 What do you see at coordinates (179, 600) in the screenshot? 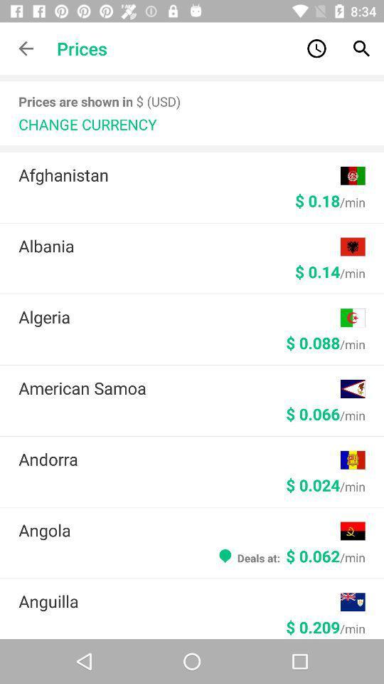
I see `the item below deals at 0 icon` at bounding box center [179, 600].